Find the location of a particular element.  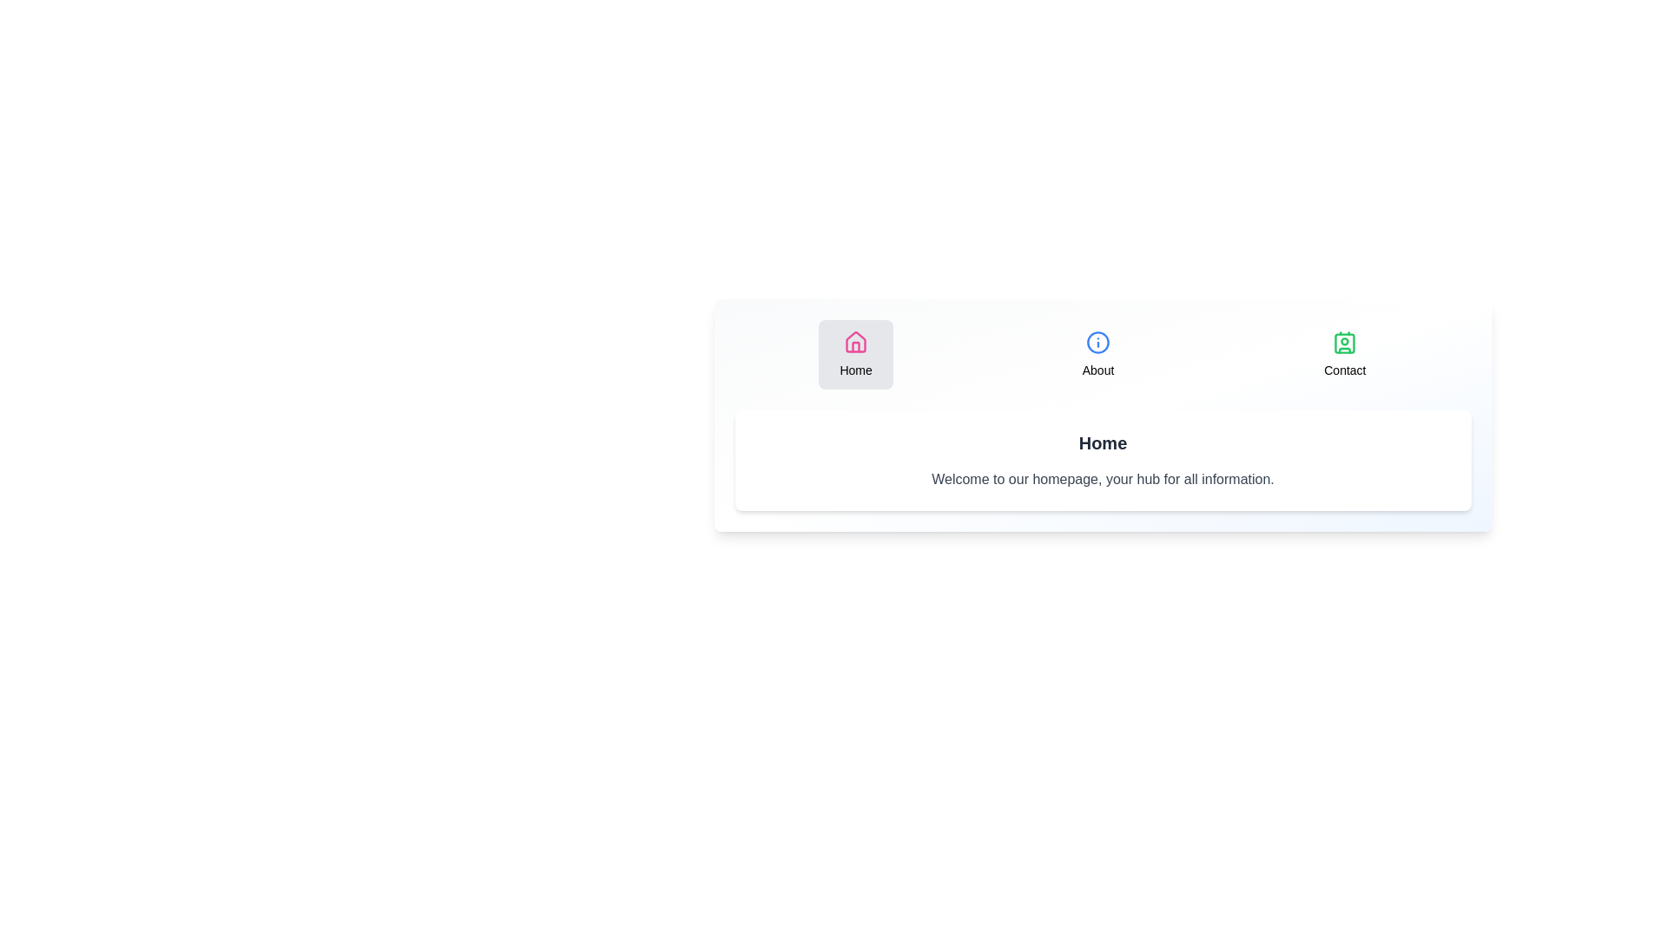

the About tab is located at coordinates (1097, 353).